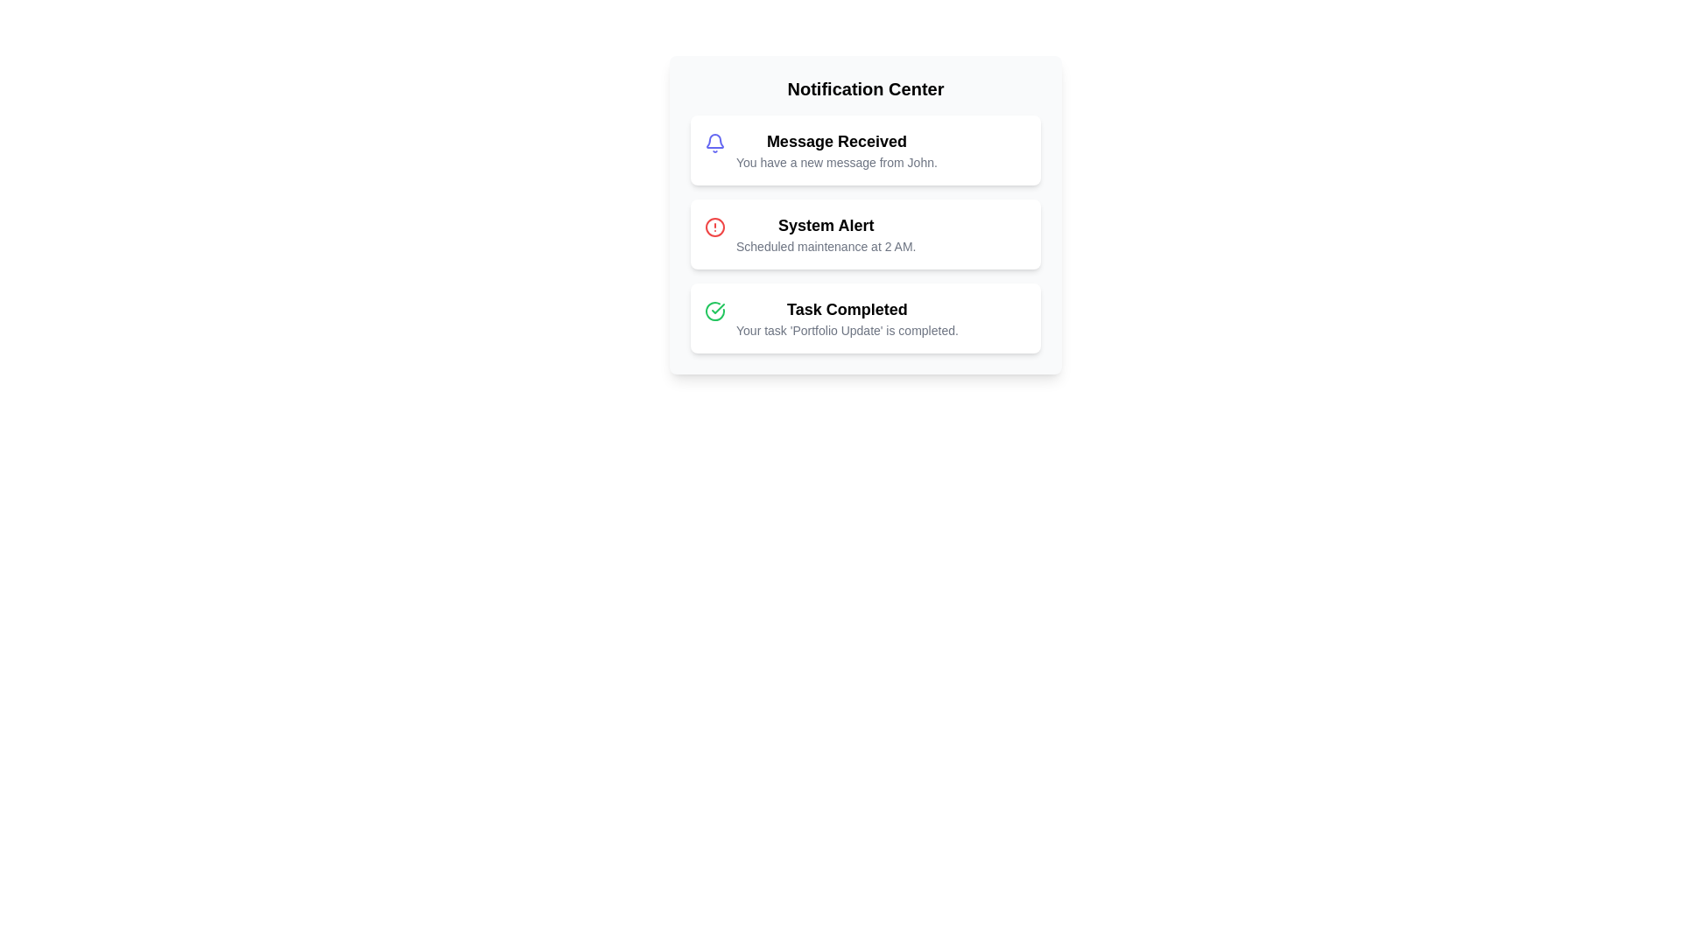 This screenshot has width=1681, height=945. What do you see at coordinates (865, 233) in the screenshot?
I see `the notification titled 'System Alert' to view its details` at bounding box center [865, 233].